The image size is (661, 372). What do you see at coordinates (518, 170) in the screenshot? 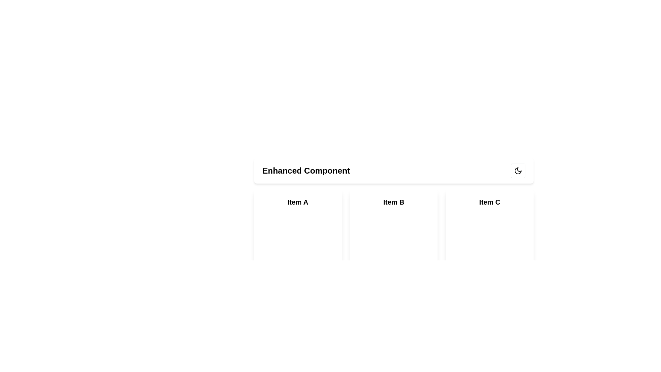
I see `the decorative icon representing a theme or mode located at the top-right corner of the interface, beside the header with the text 'Enhanced Component'` at bounding box center [518, 170].